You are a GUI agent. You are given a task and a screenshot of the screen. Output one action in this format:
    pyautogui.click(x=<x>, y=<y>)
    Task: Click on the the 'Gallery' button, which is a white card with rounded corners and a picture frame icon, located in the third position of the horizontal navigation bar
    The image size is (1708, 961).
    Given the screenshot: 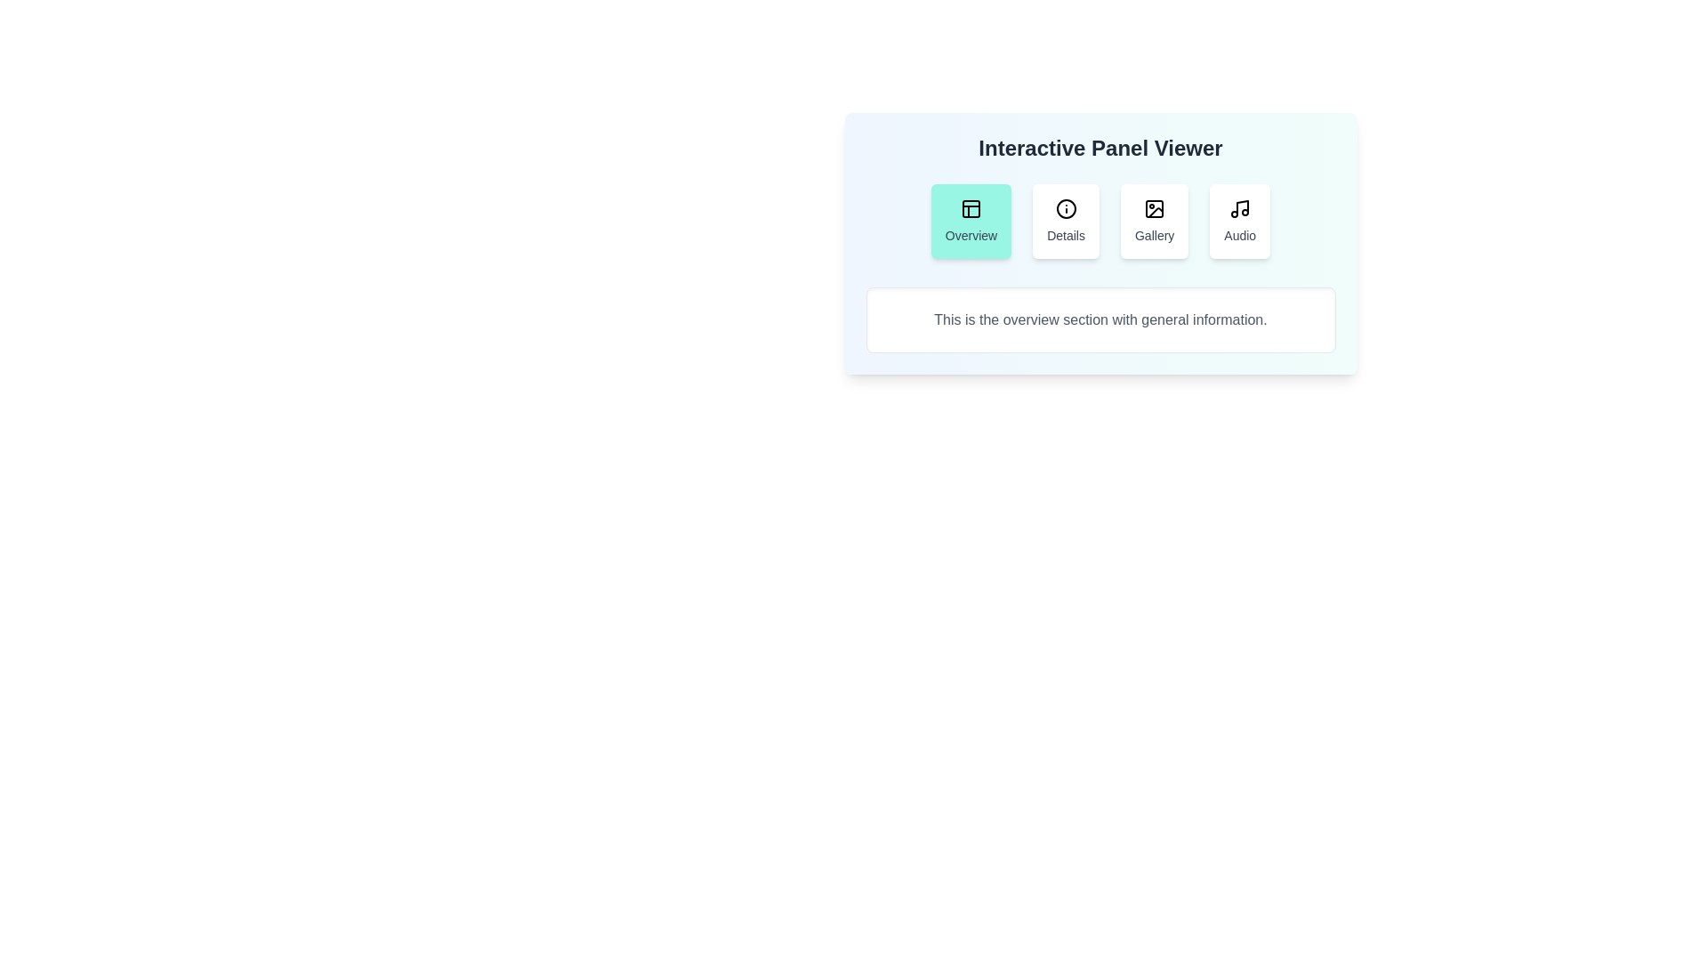 What is the action you would take?
    pyautogui.click(x=1154, y=221)
    